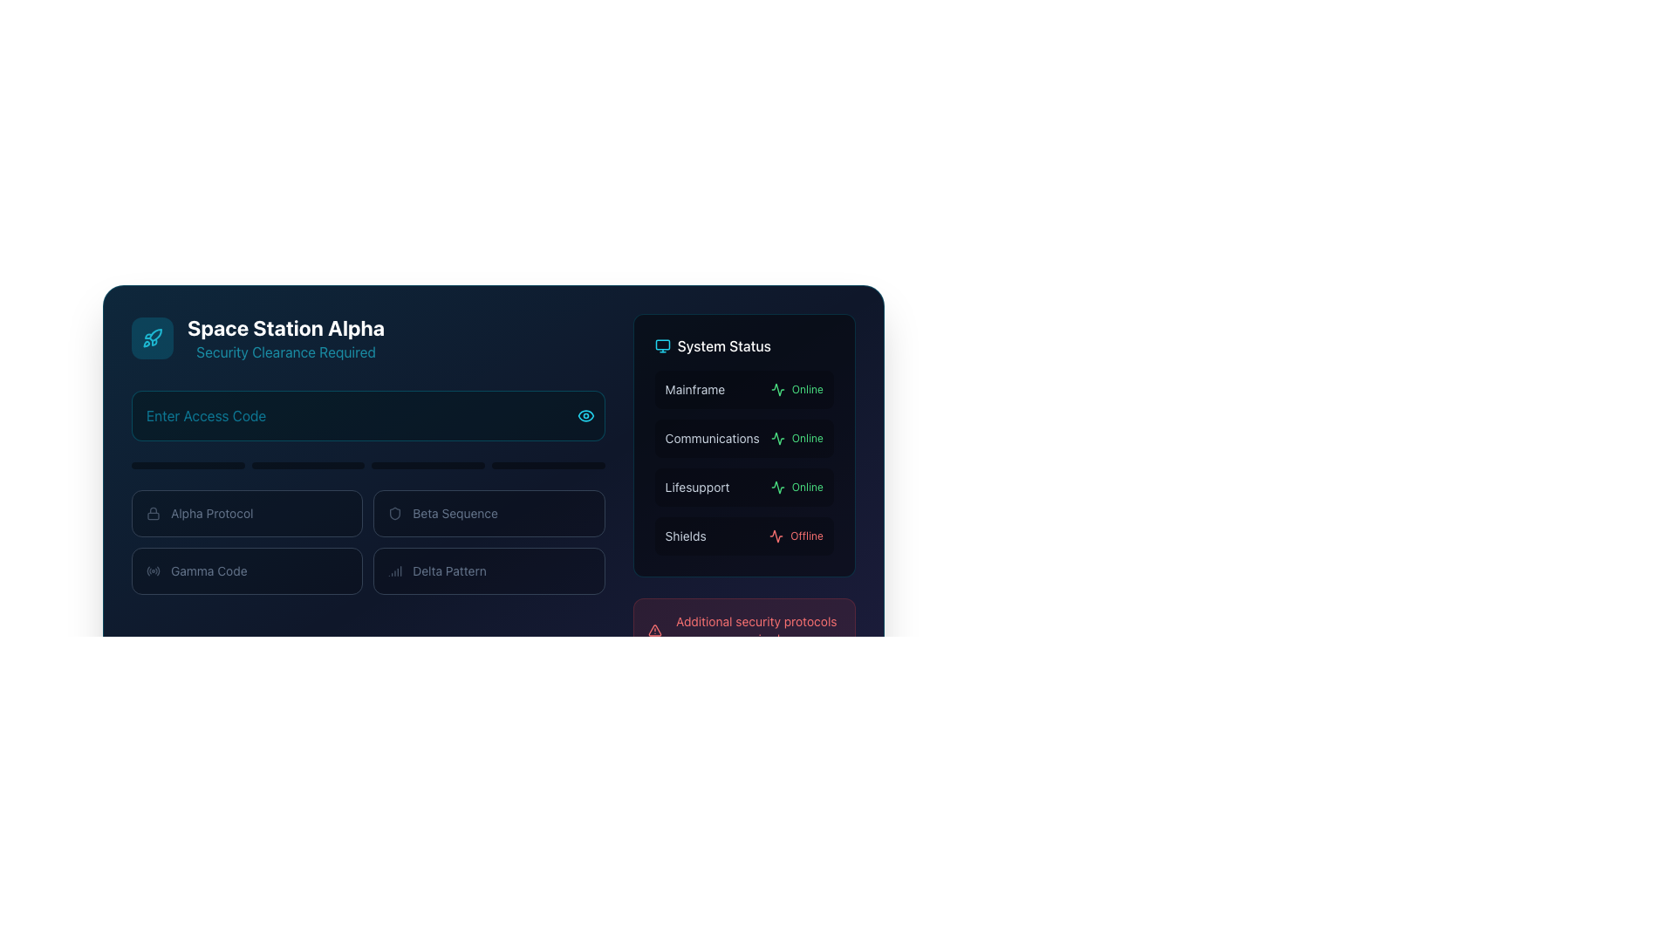 Image resolution: width=1675 pixels, height=942 pixels. Describe the element at coordinates (367, 464) in the screenshot. I see `the segmented progress bar located centrally below the 'Enter Access Code' input field and above the options titled 'Alpha Protocol,' 'Beta Sequence,' 'Gamma Code,' and 'Delta Pattern.'` at that location.